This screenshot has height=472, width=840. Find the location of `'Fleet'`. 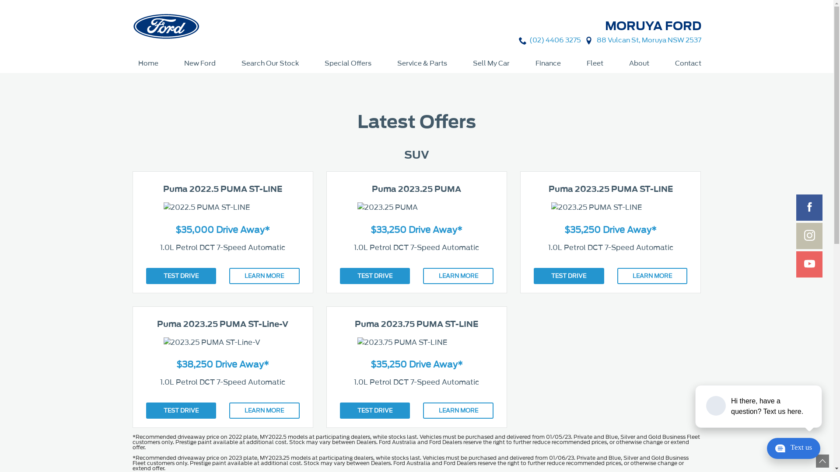

'Fleet' is located at coordinates (595, 63).